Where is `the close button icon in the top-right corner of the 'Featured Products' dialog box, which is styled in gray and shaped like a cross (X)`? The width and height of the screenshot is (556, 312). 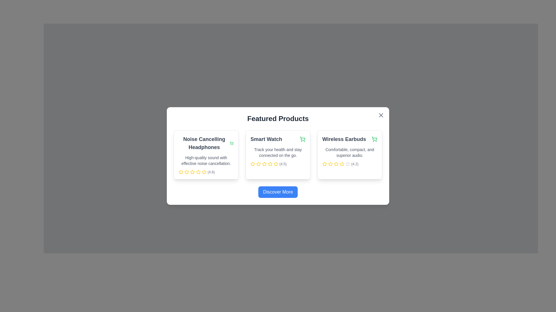
the close button icon in the top-right corner of the 'Featured Products' dialog box, which is styled in gray and shaped like a cross (X) is located at coordinates (381, 115).